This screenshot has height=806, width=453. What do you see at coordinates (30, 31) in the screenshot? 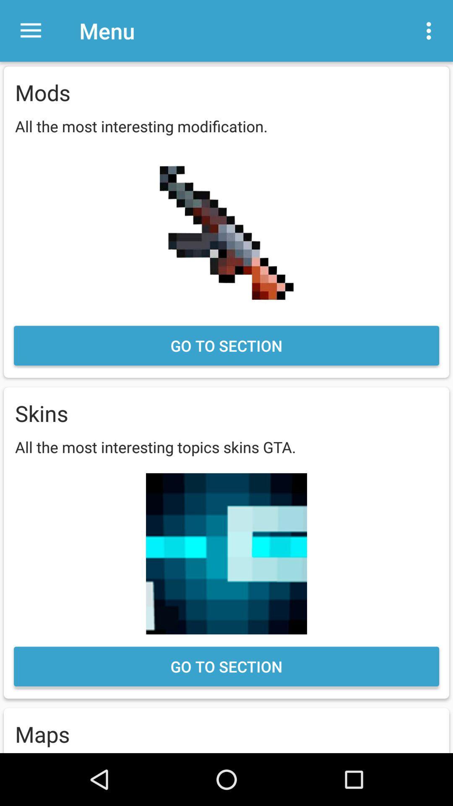
I see `item next to the menu icon` at bounding box center [30, 31].